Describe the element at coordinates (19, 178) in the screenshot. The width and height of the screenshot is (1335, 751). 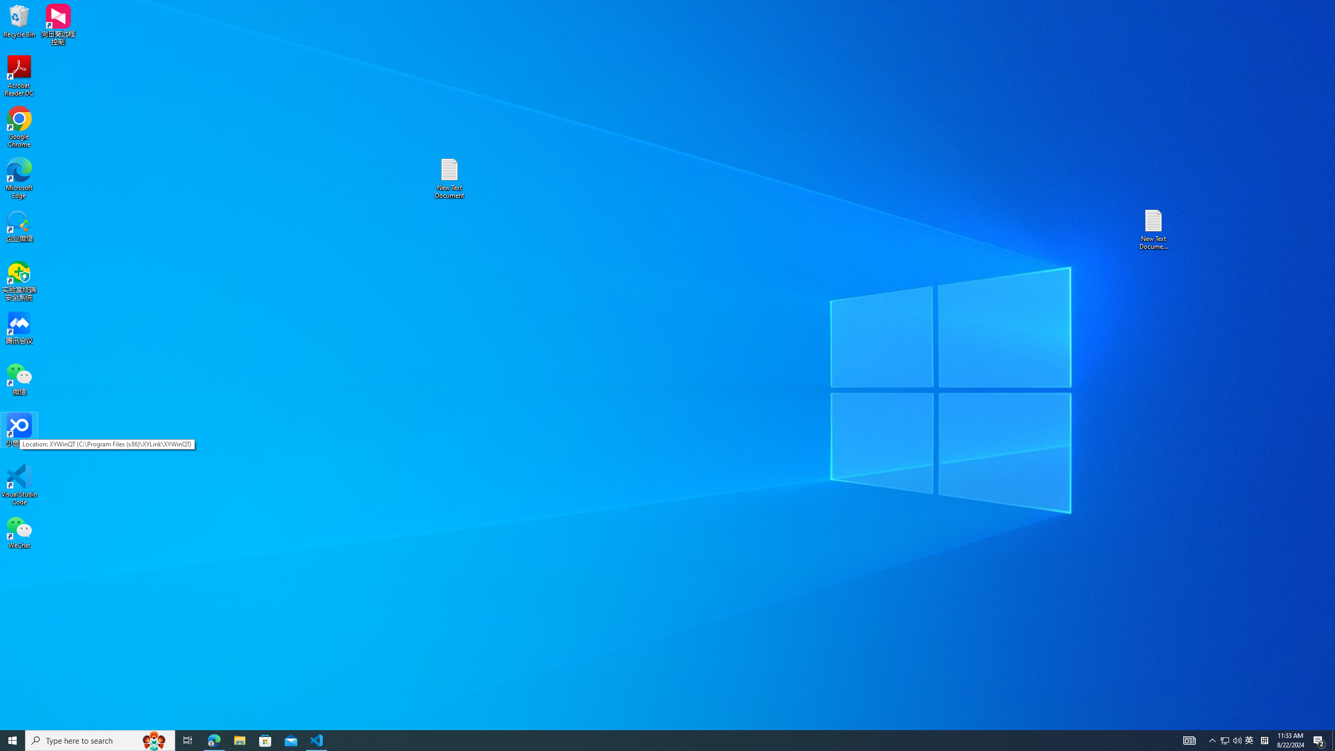
I see `'Microsoft Edge'` at that location.